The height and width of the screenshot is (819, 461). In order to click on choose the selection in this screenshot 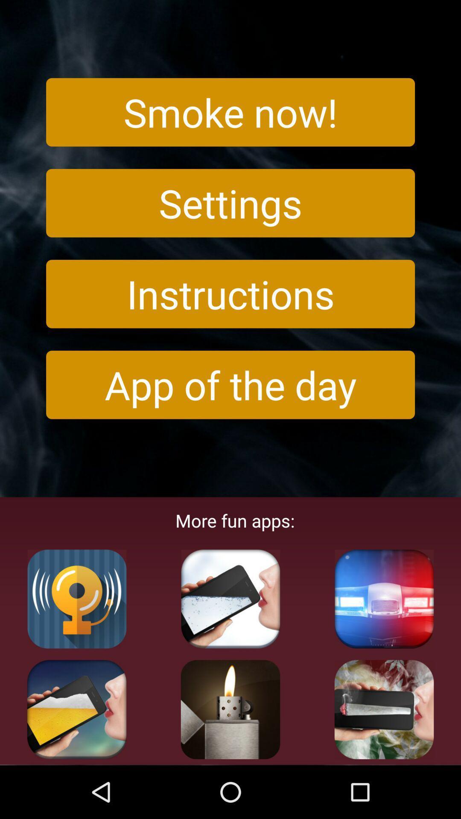, I will do `click(230, 709)`.